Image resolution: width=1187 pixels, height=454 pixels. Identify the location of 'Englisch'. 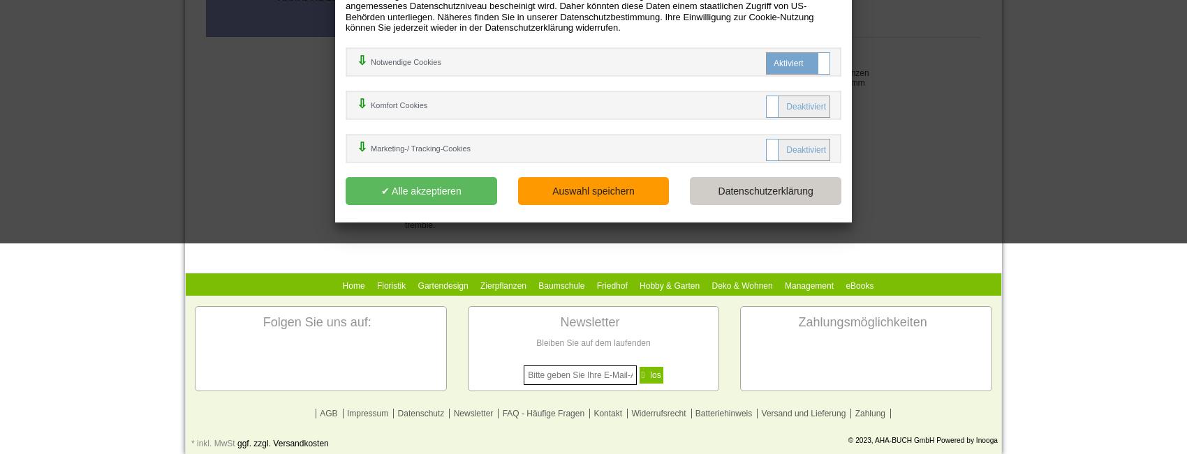
(519, 91).